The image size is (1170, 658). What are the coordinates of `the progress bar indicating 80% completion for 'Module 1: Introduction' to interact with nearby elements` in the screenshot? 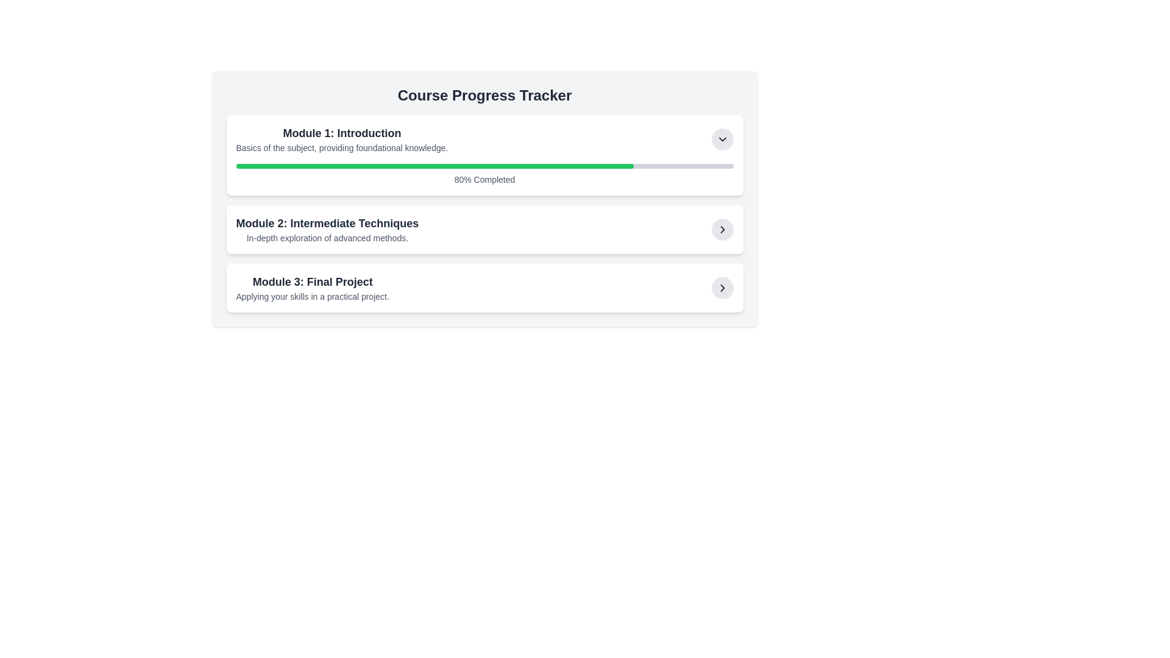 It's located at (484, 166).